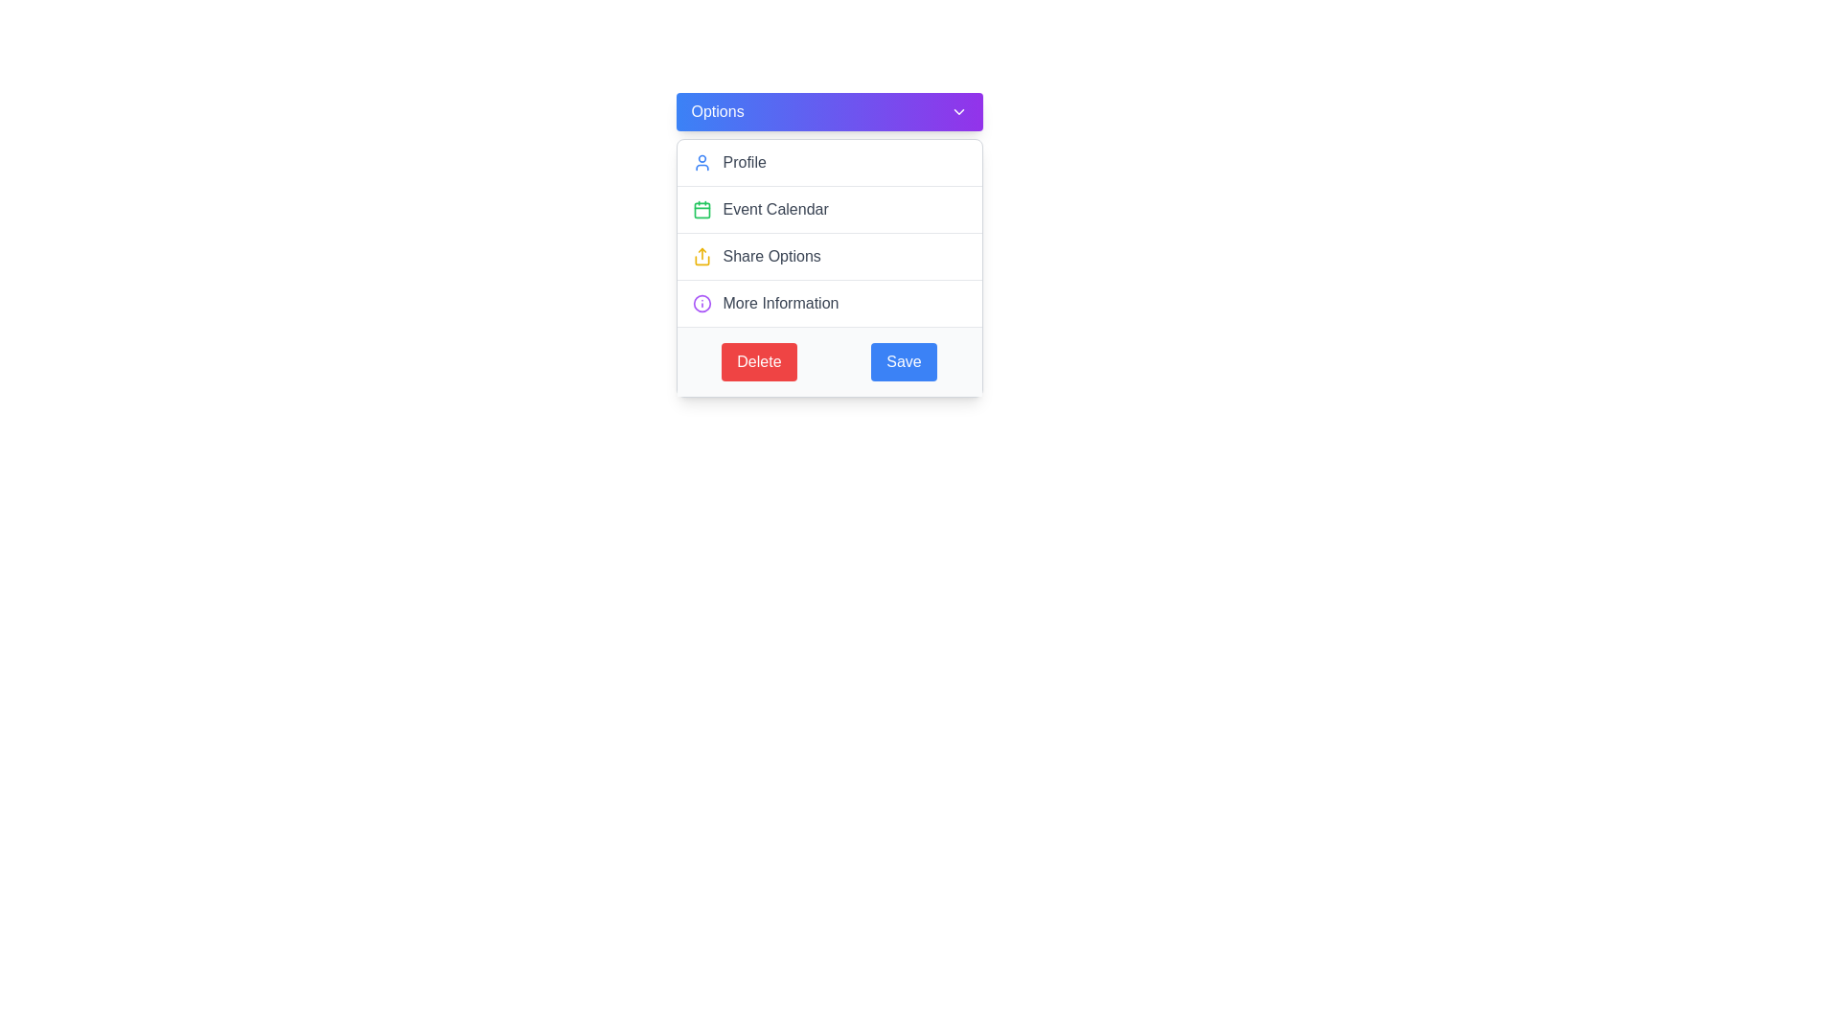 Image resolution: width=1840 pixels, height=1035 pixels. Describe the element at coordinates (829, 161) in the screenshot. I see `the first item in the 'Options' dropdown menu` at that location.